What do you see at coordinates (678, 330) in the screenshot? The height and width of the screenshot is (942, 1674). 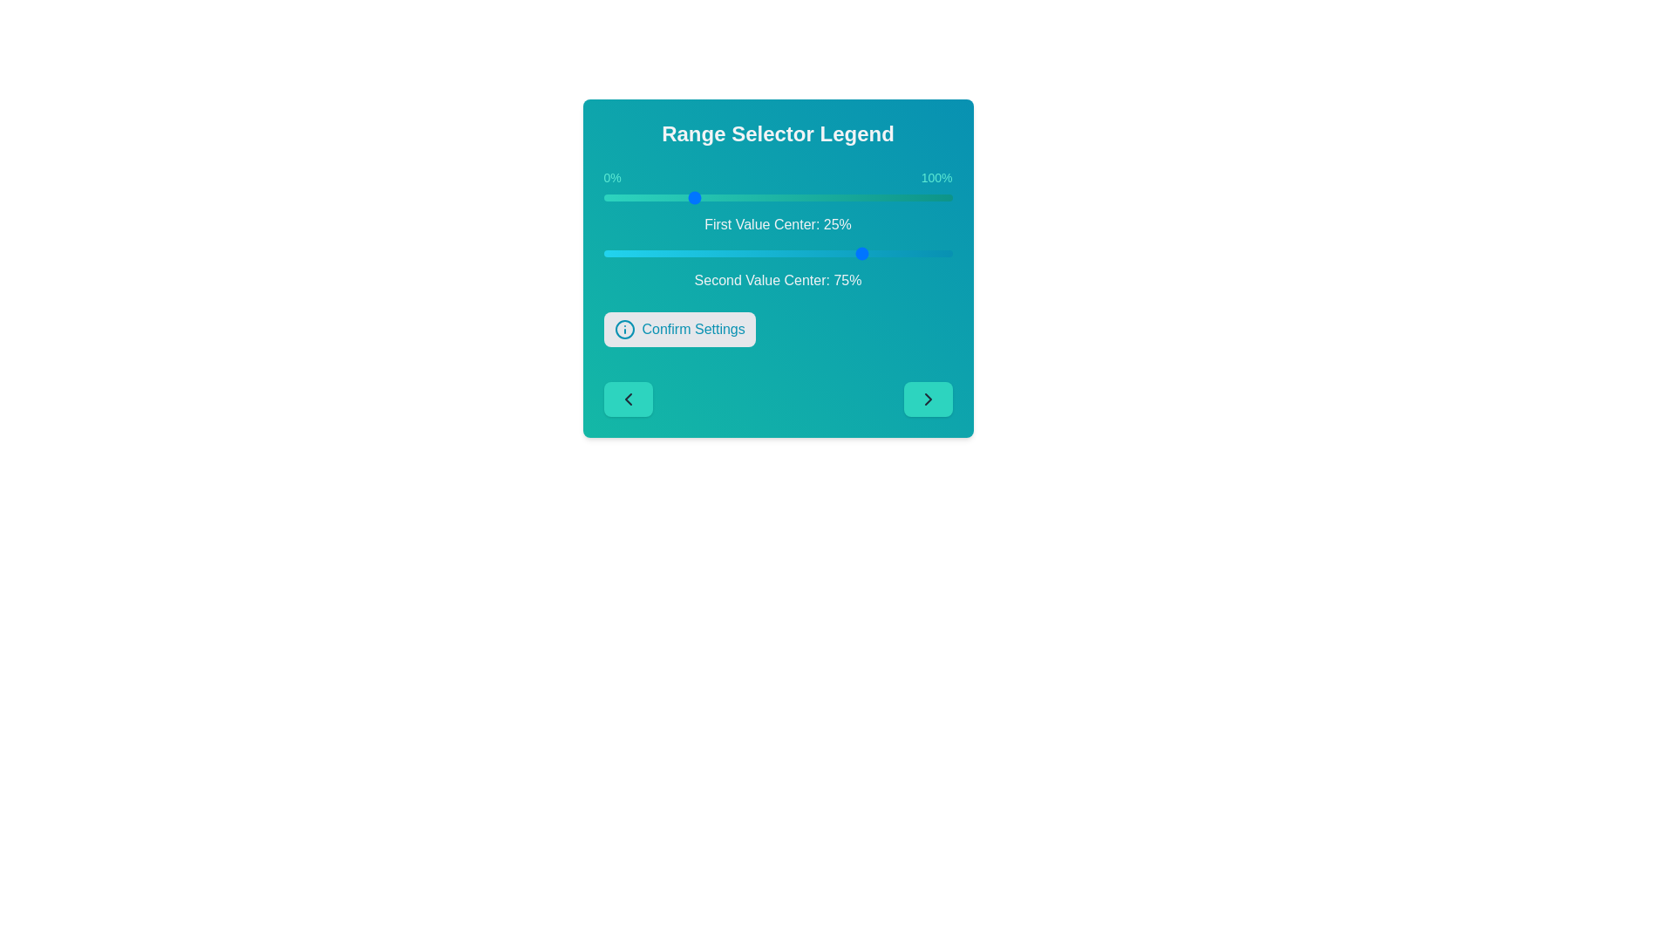 I see `the 'Confirm Settings' button located within the 'Range Selector Legend' card, which features a cyan information icon and text, to confirm current settings` at bounding box center [678, 330].